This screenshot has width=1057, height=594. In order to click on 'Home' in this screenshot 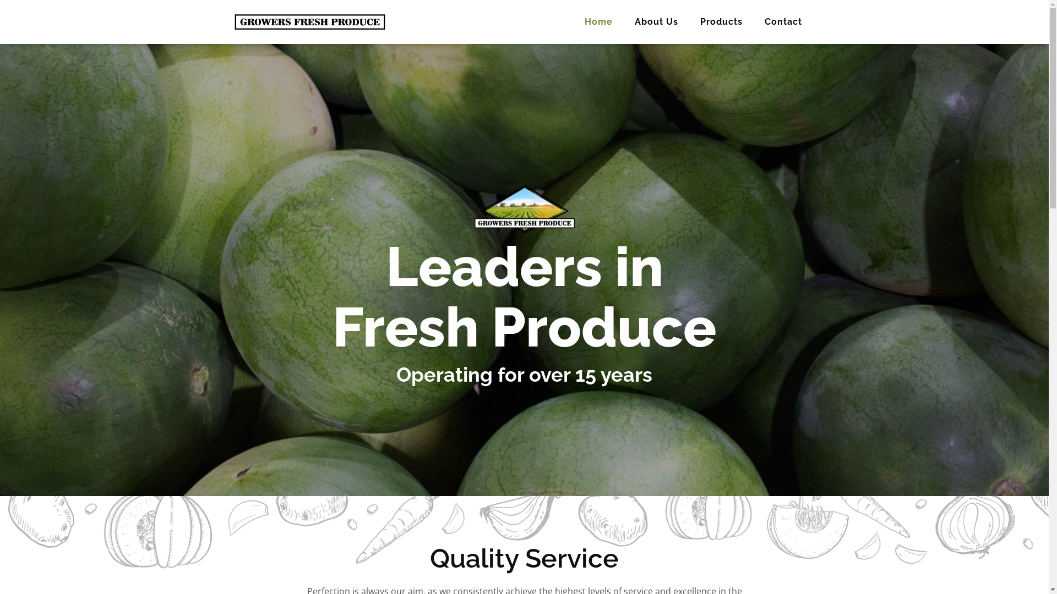, I will do `click(598, 21)`.